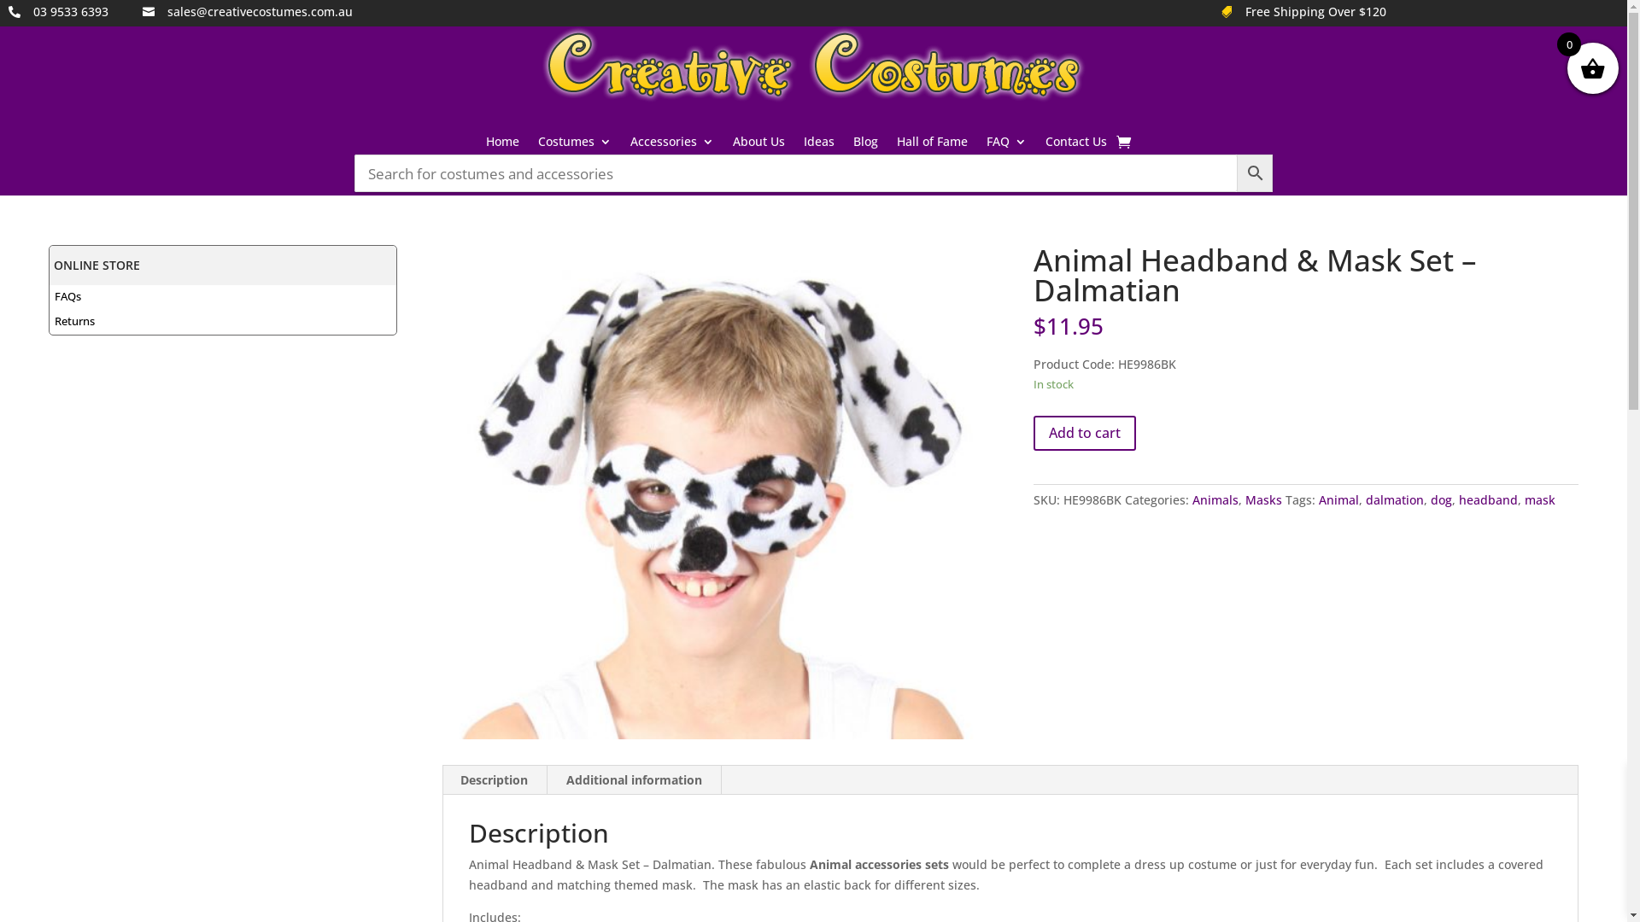  Describe the element at coordinates (1394, 499) in the screenshot. I see `'dalmation'` at that location.